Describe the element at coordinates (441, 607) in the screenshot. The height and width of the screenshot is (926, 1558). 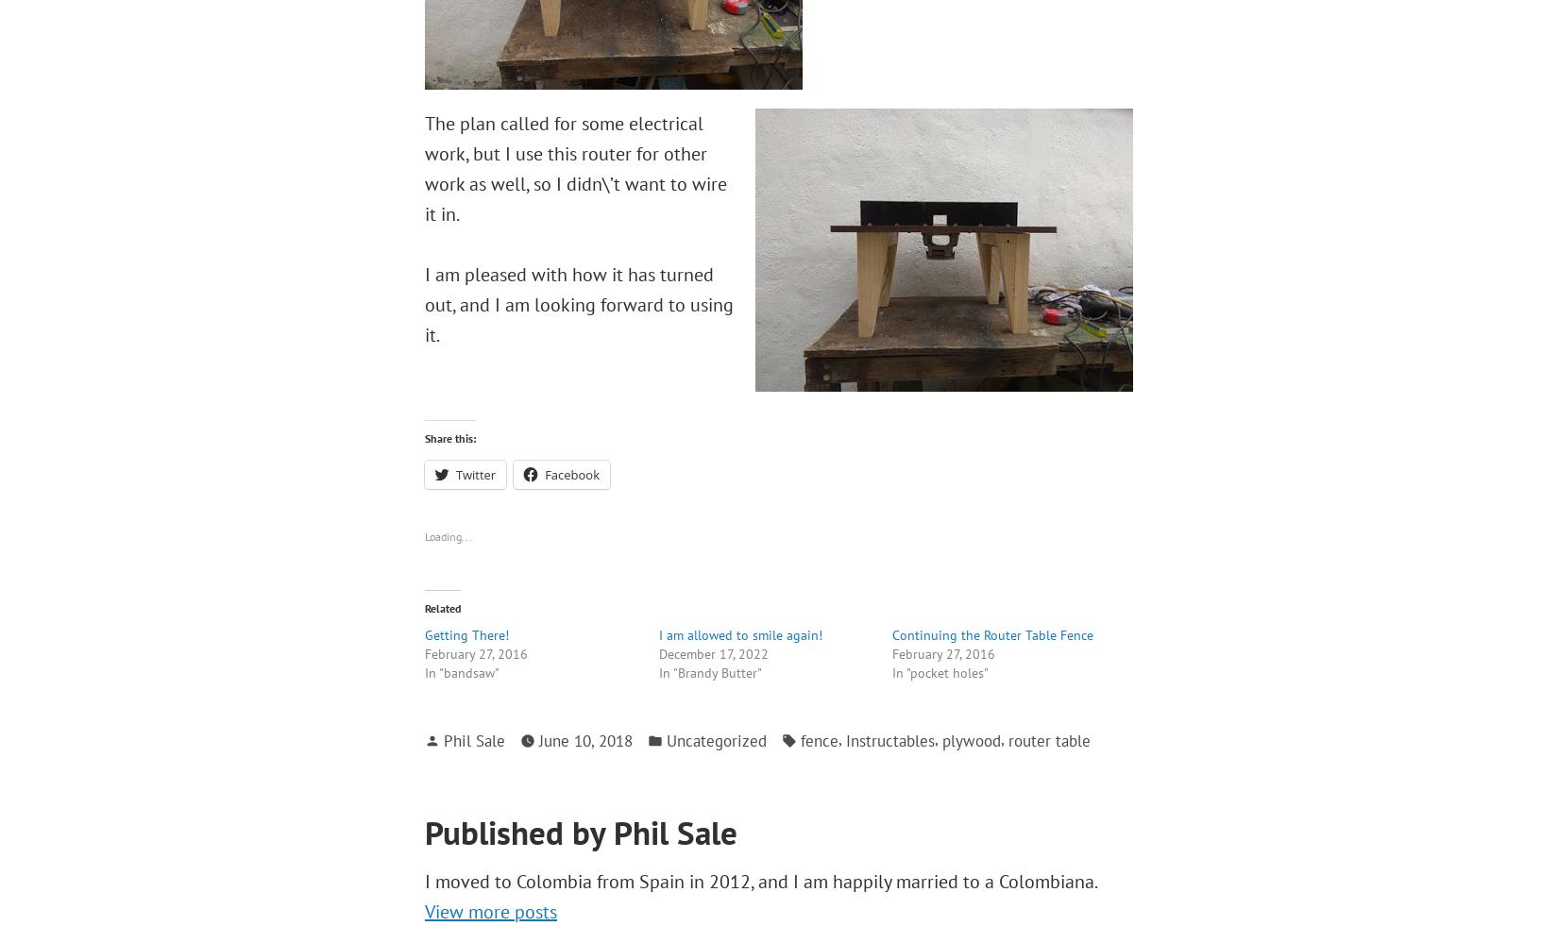
I see `'Related'` at that location.